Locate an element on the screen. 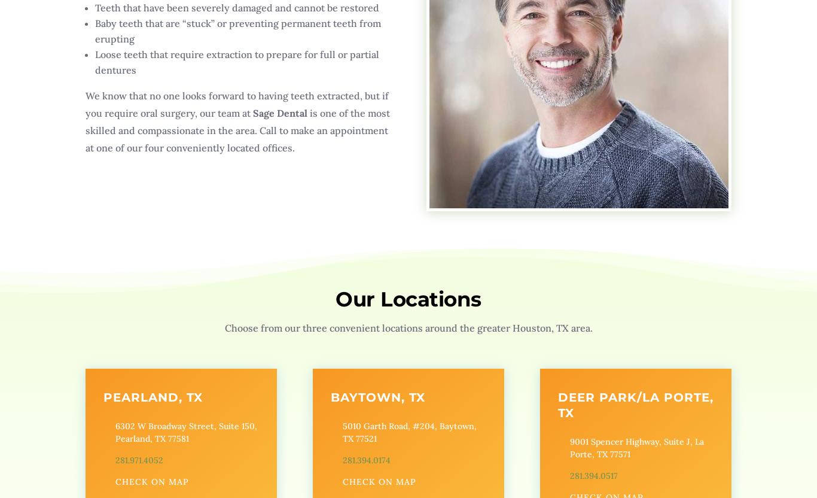  '281.394.0174' is located at coordinates (341, 460).